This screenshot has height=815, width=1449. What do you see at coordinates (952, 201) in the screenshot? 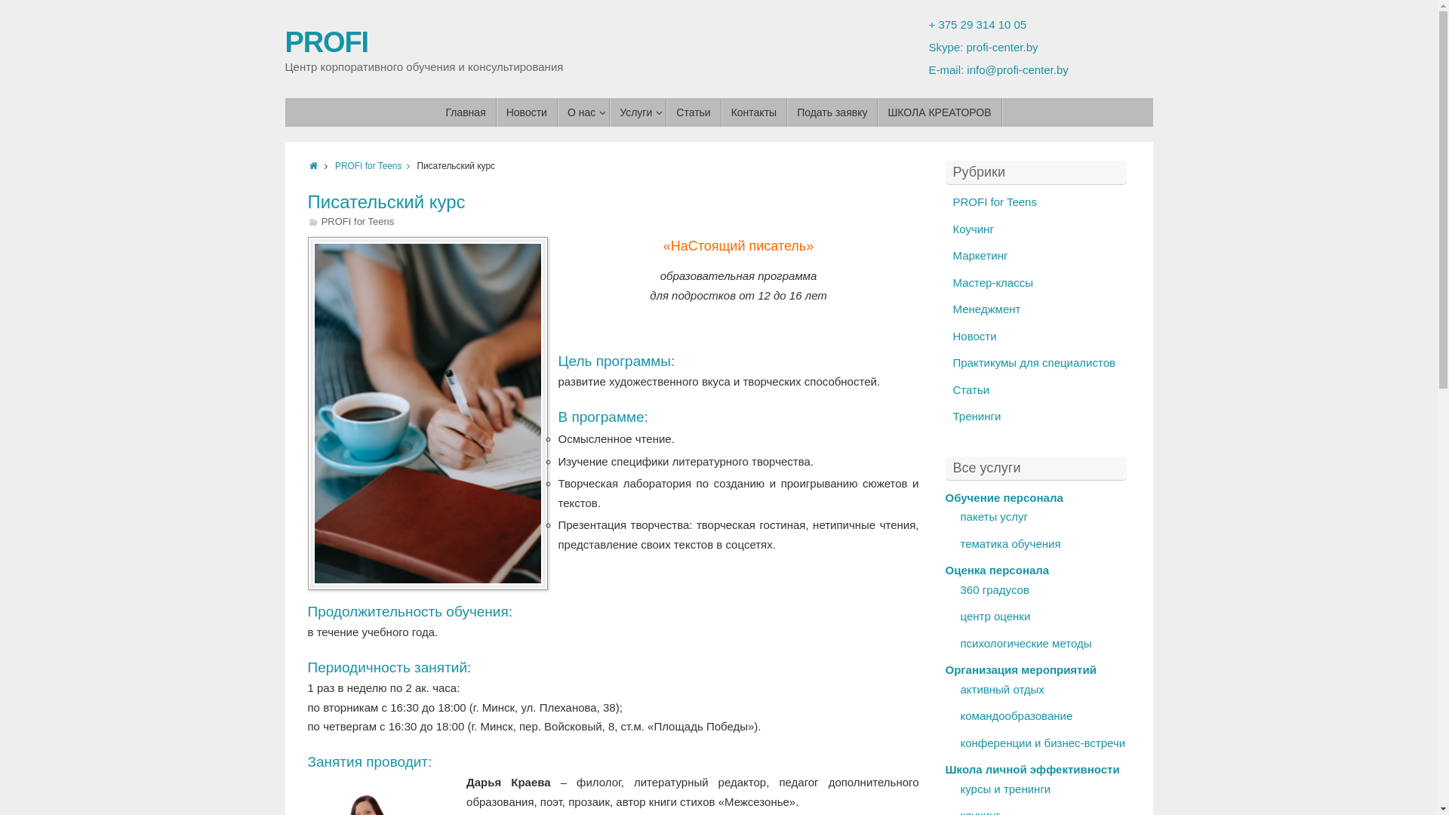
I see `'PROFI for Teens'` at bounding box center [952, 201].